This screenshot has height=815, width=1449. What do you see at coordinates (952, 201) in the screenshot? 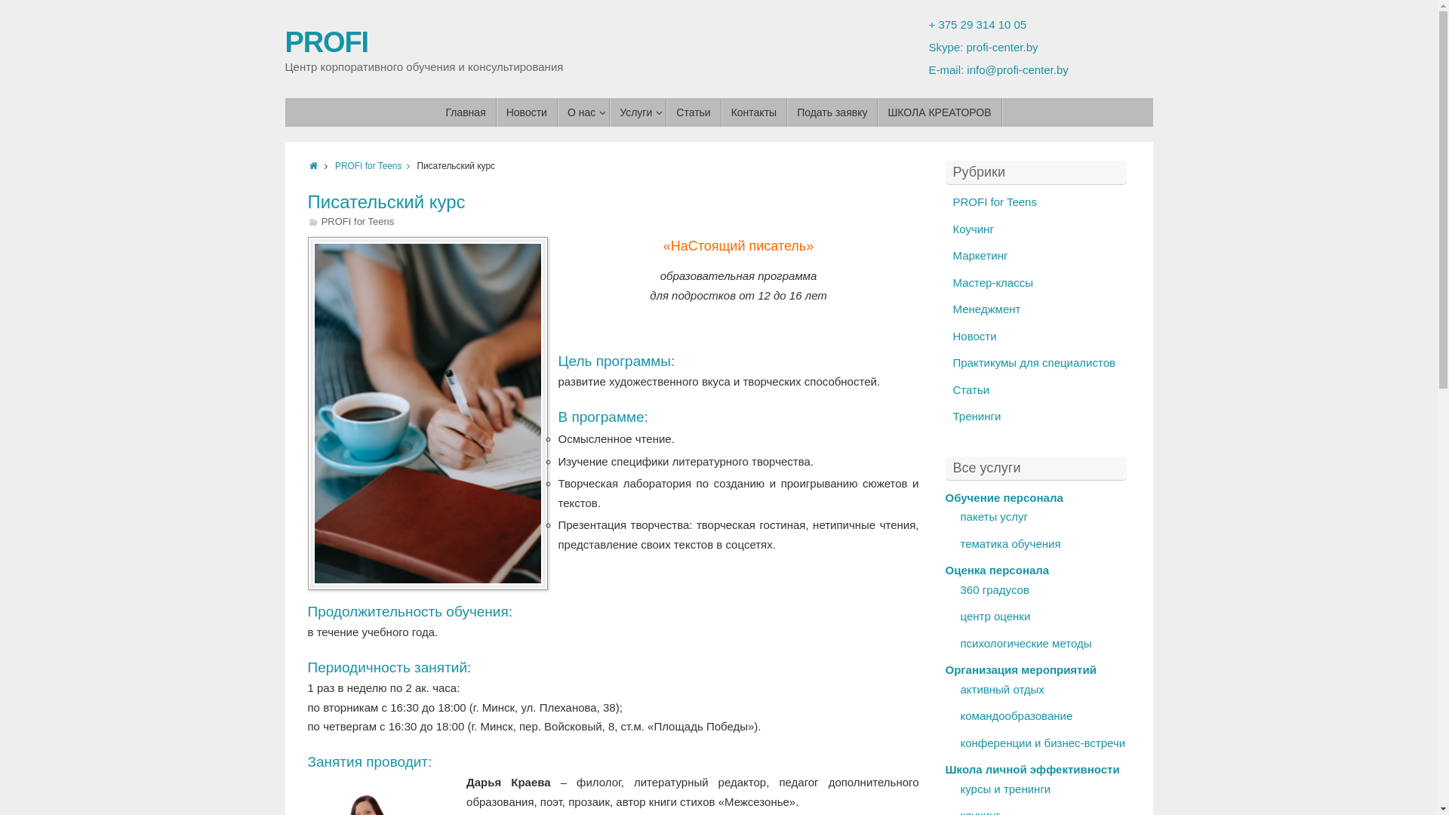
I see `'PROFI for Teens'` at bounding box center [952, 201].